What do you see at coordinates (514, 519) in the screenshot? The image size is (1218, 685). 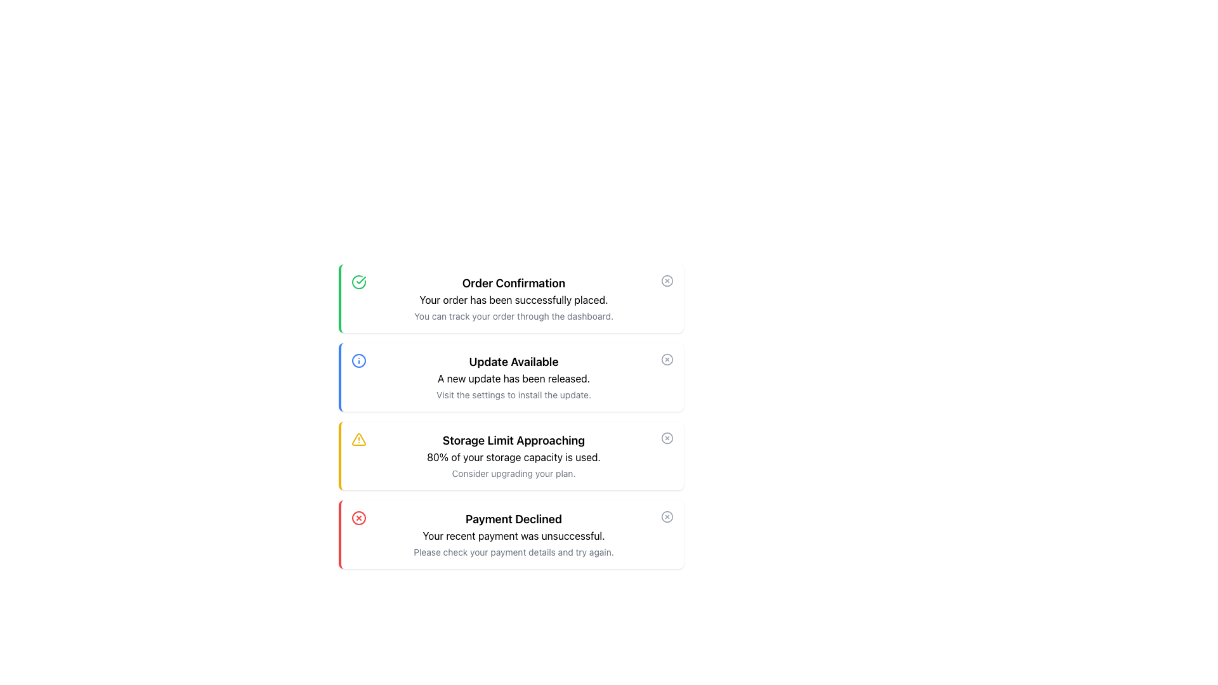 I see `the 'Payment Declined' static text element, which is a bold heading displayed prominently in a notification card about a declined payment` at bounding box center [514, 519].